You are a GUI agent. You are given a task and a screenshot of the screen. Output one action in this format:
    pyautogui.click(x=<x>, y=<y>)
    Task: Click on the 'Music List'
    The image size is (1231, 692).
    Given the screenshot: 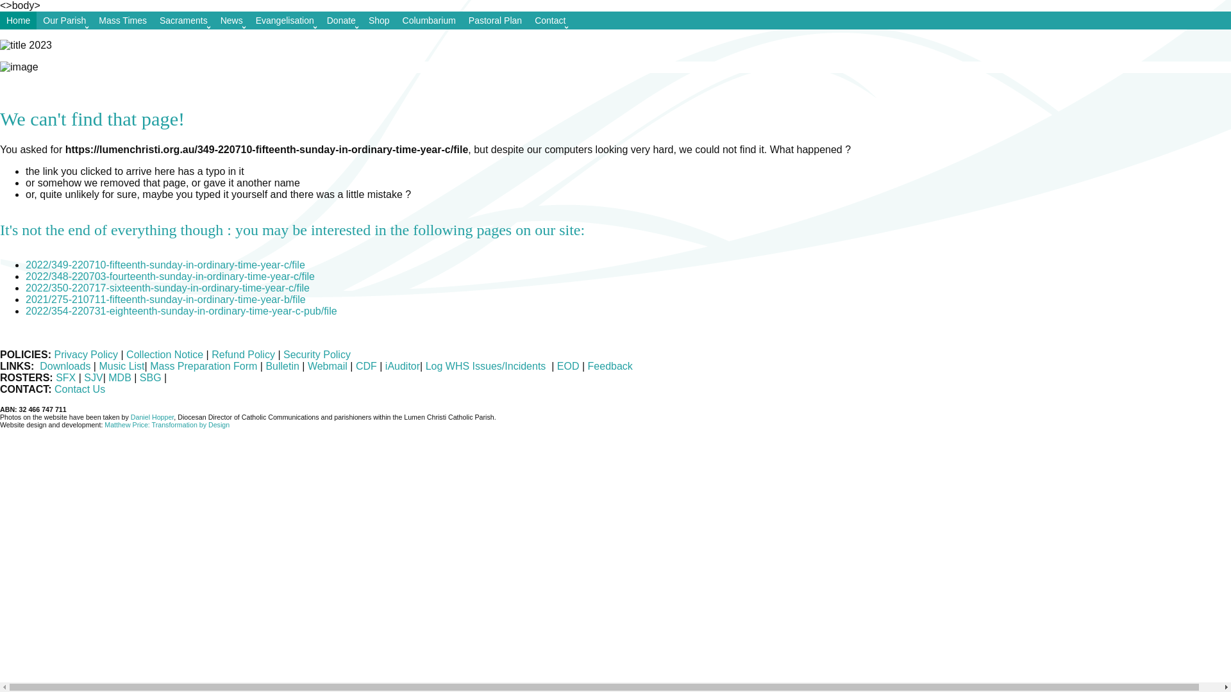 What is the action you would take?
    pyautogui.click(x=121, y=366)
    